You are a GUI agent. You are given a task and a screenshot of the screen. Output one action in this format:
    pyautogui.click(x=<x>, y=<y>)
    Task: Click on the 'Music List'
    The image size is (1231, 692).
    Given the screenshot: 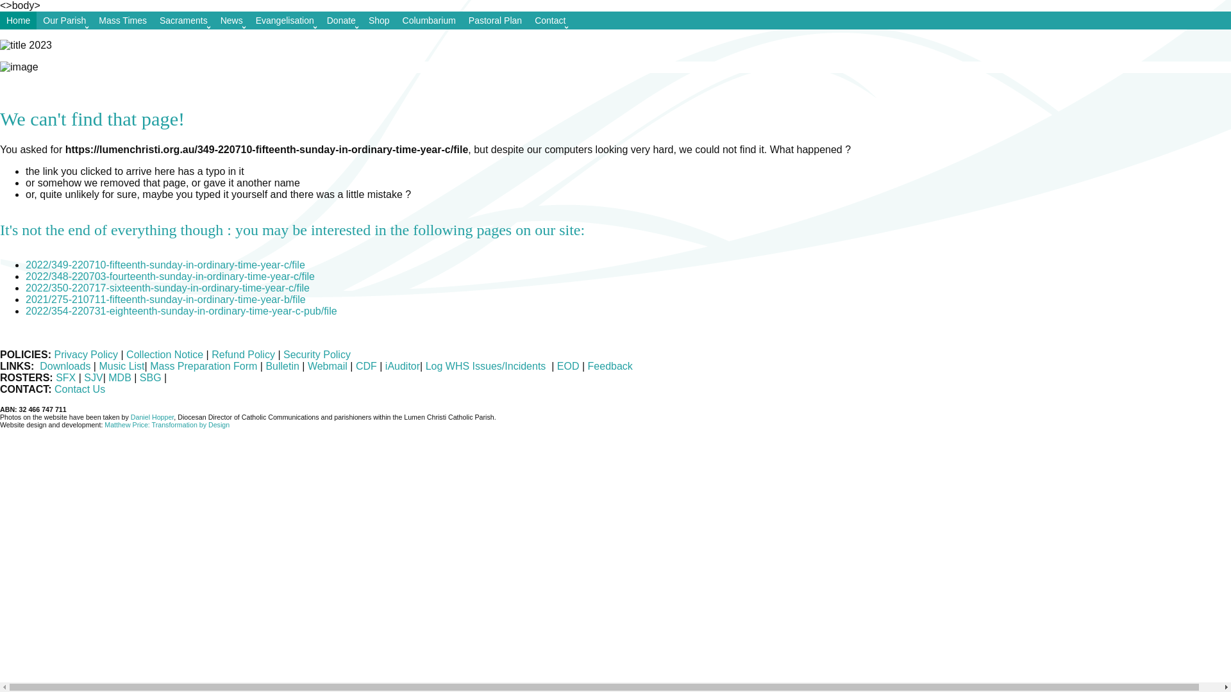 What is the action you would take?
    pyautogui.click(x=121, y=366)
    